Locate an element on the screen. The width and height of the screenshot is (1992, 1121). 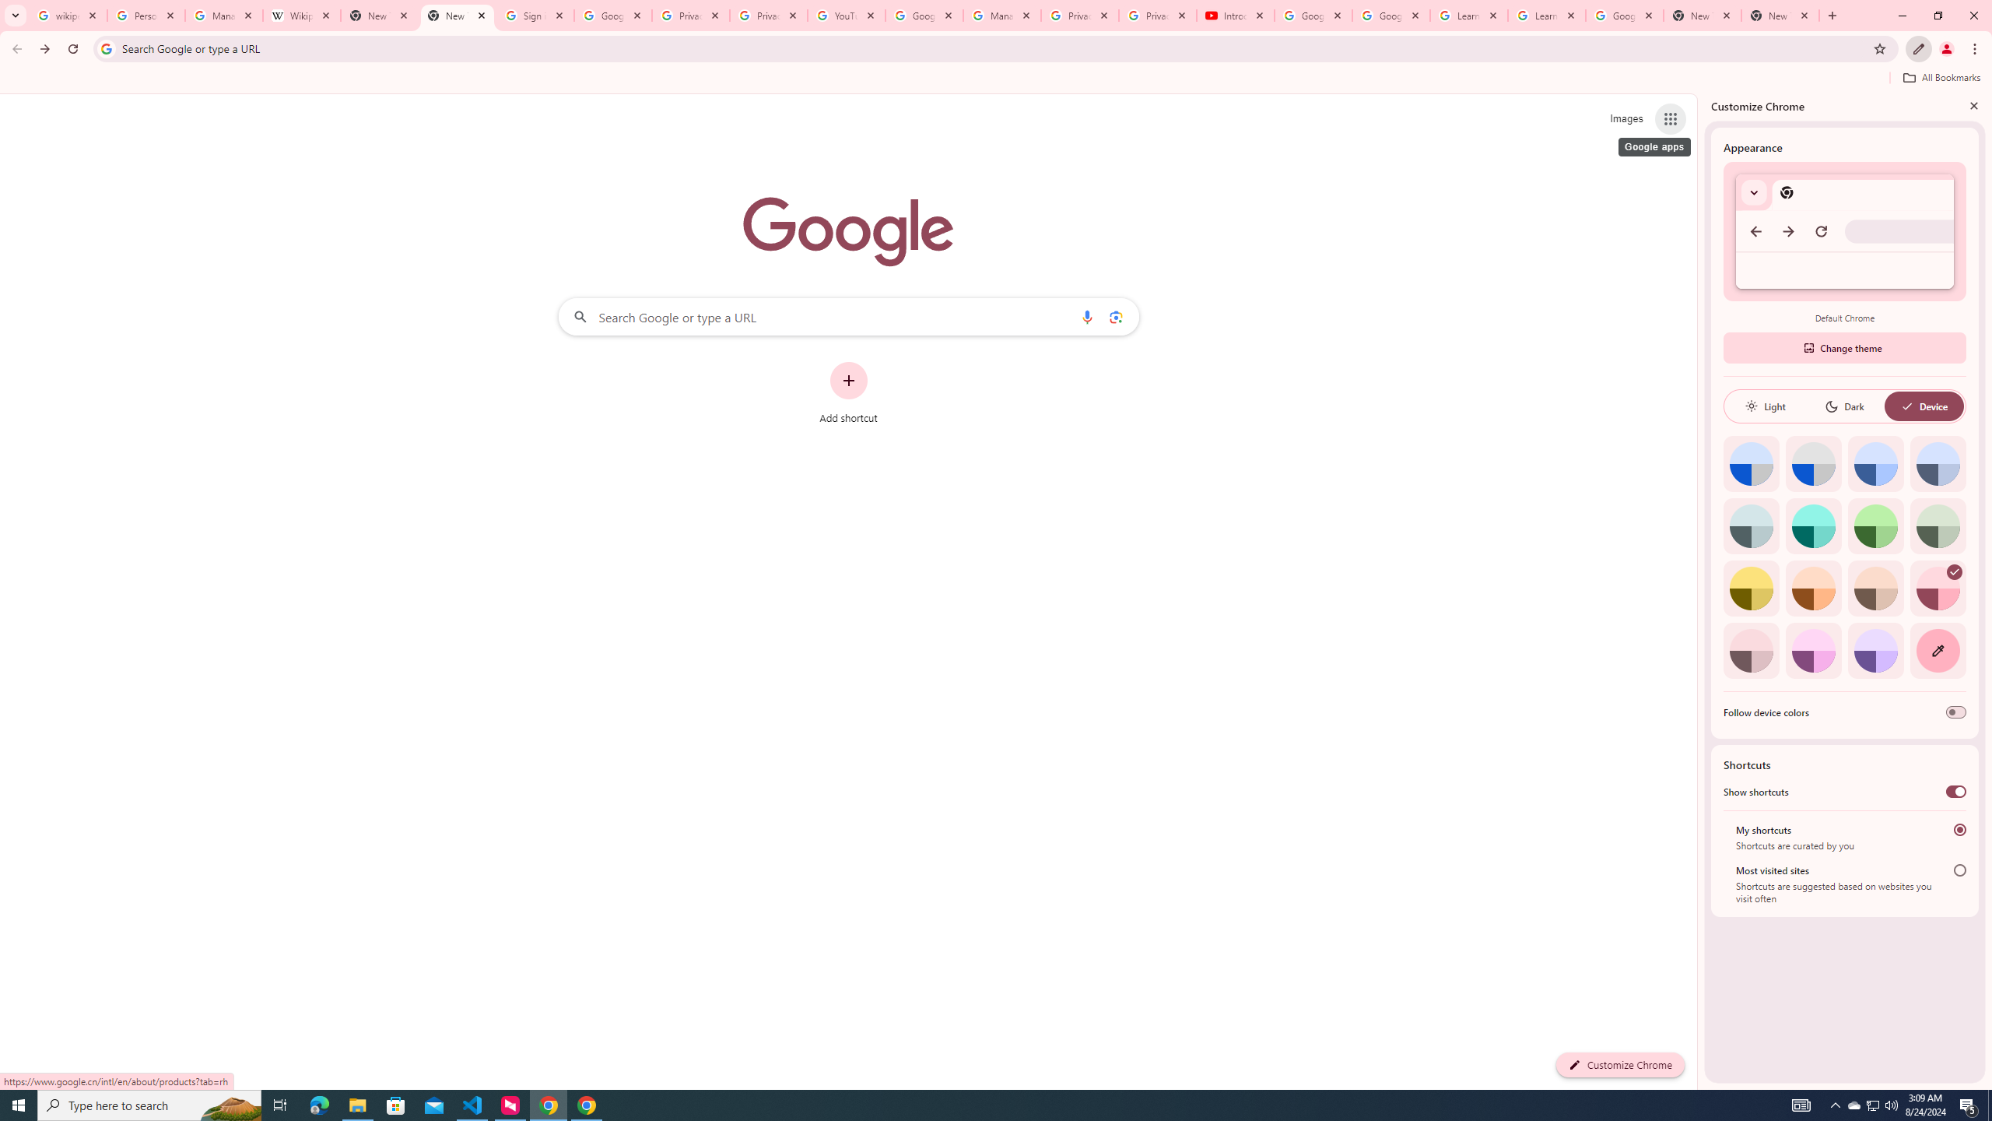
'Light' is located at coordinates (1764, 406).